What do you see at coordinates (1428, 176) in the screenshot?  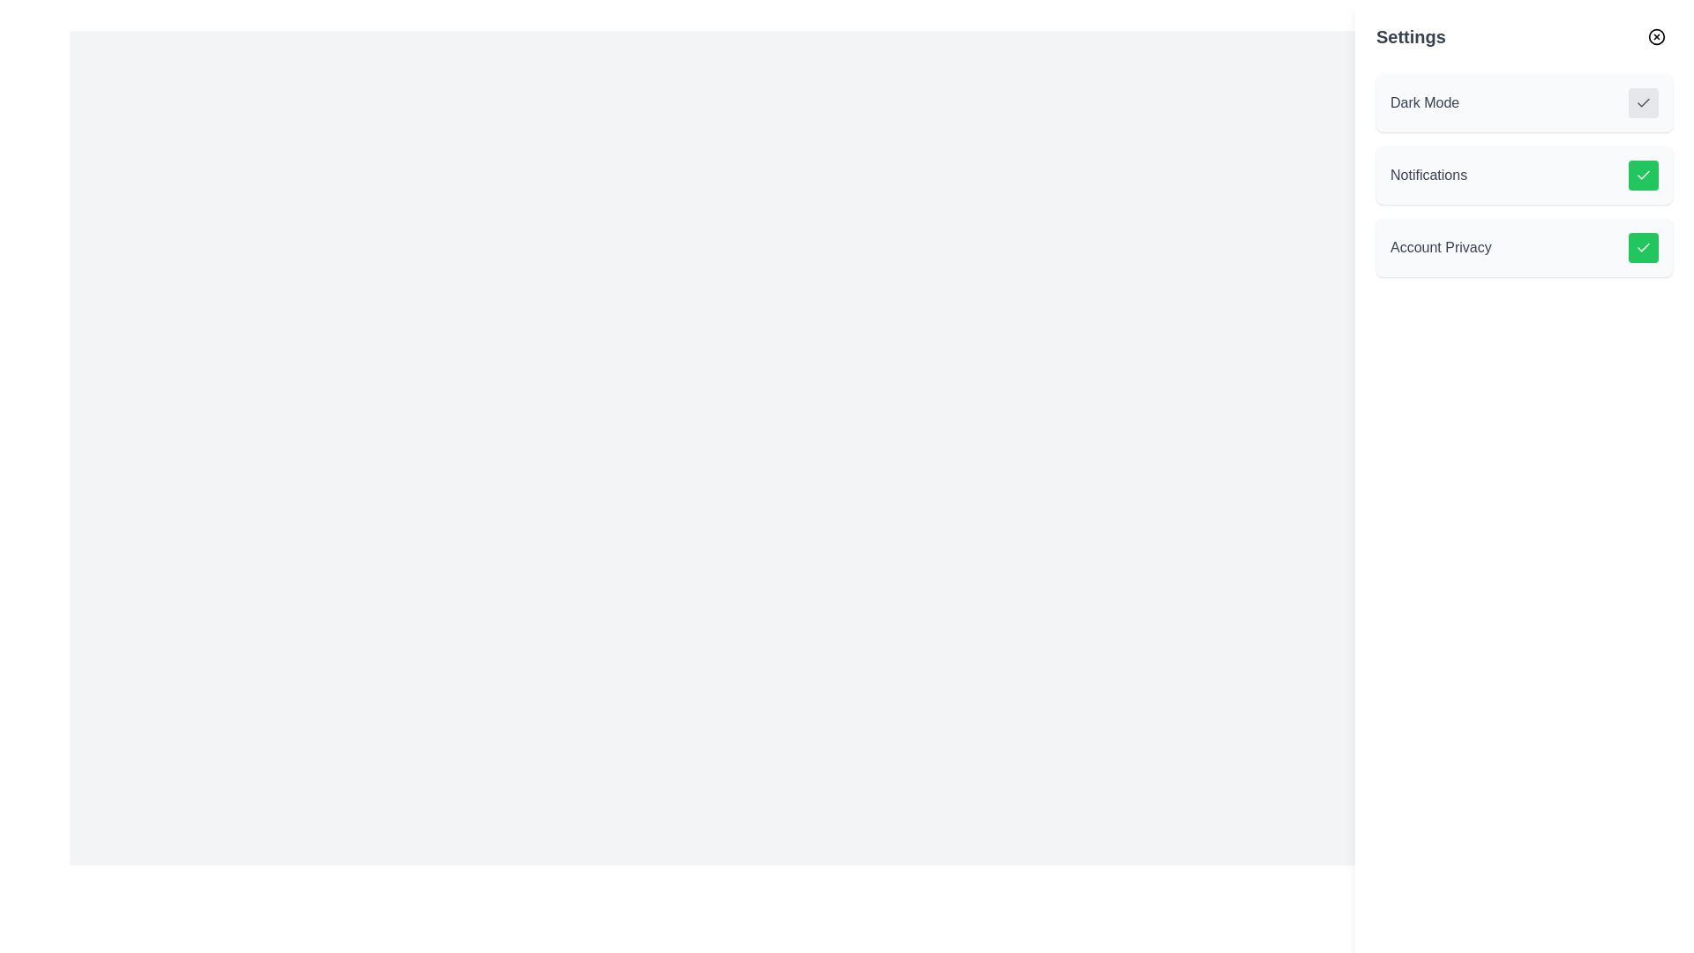 I see `the Text label that controls notifications, which is positioned within the settings panel on the right side of the page, aligned to the left of a green checkmark button` at bounding box center [1428, 176].